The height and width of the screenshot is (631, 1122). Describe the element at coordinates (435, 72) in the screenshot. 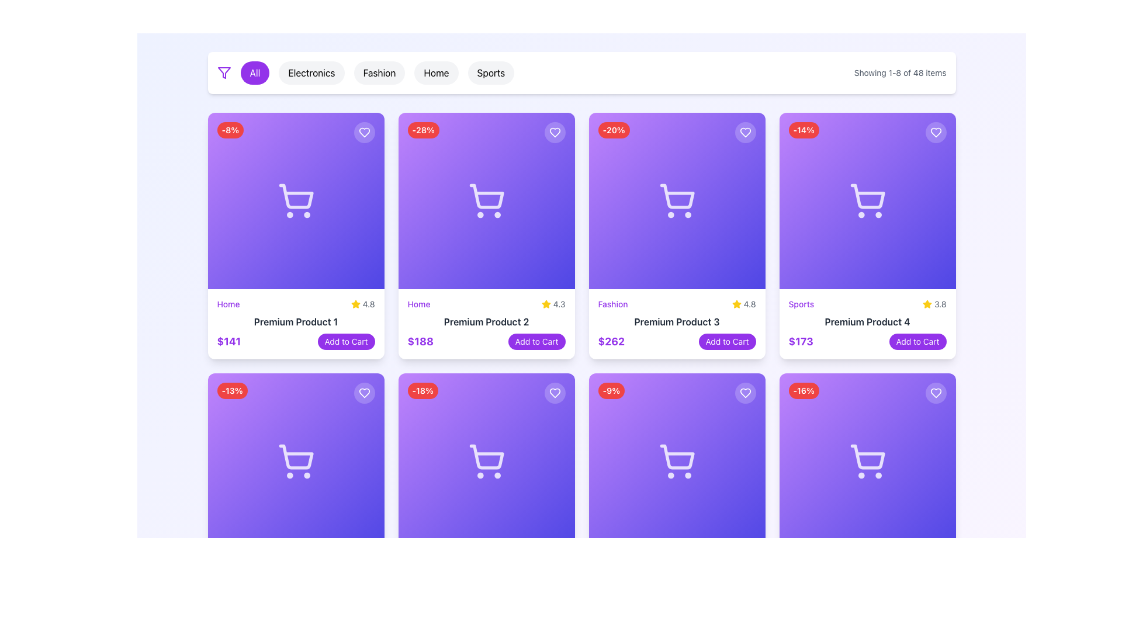

I see `the category navigation button for 'Home', which is the fourth button from the left in the middle-right of the row` at that location.